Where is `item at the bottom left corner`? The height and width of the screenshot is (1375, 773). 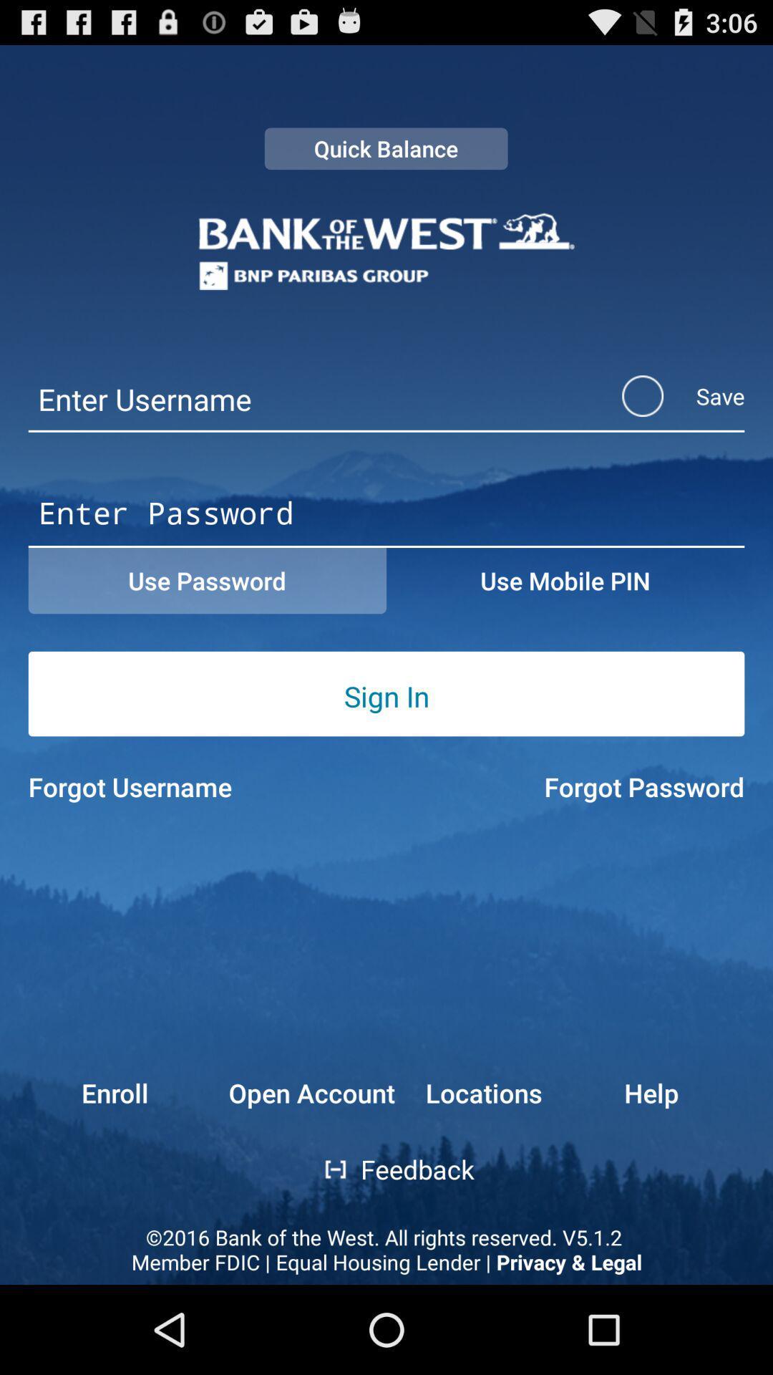
item at the bottom left corner is located at coordinates (88, 1092).